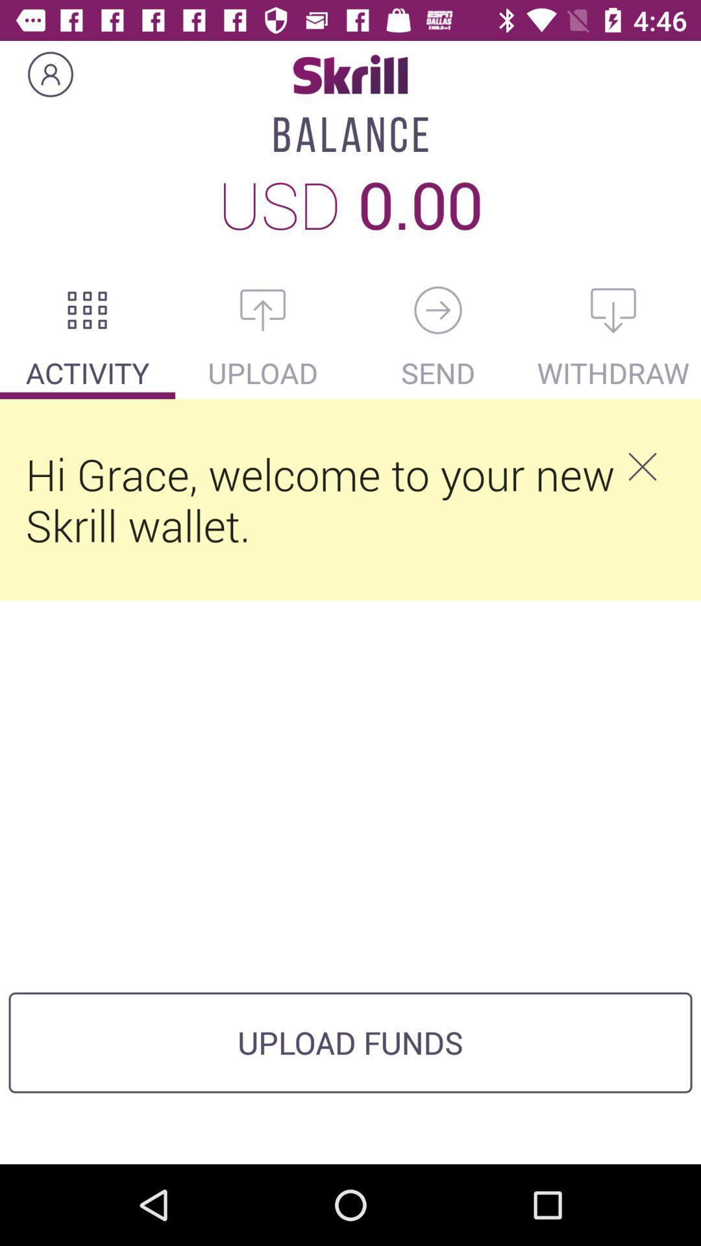 This screenshot has width=701, height=1246. What do you see at coordinates (88, 310) in the screenshot?
I see `account activity` at bounding box center [88, 310].